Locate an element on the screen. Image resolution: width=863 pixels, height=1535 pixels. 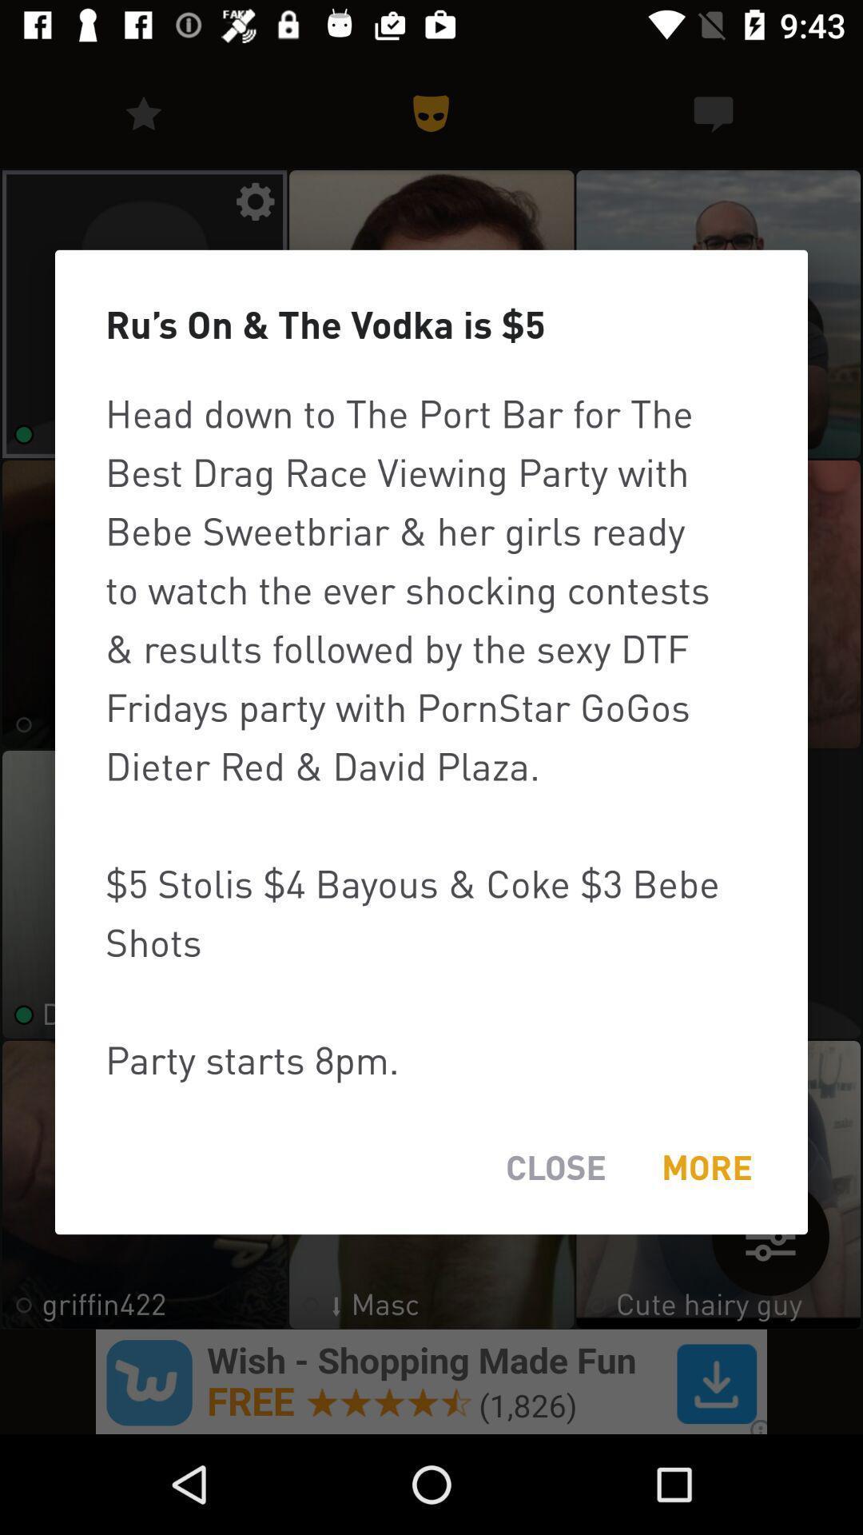
more at the bottom right corner is located at coordinates (706, 1167).